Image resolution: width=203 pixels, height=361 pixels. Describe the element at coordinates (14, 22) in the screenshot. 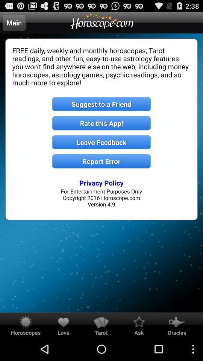

I see `the button at the top left corner` at that location.